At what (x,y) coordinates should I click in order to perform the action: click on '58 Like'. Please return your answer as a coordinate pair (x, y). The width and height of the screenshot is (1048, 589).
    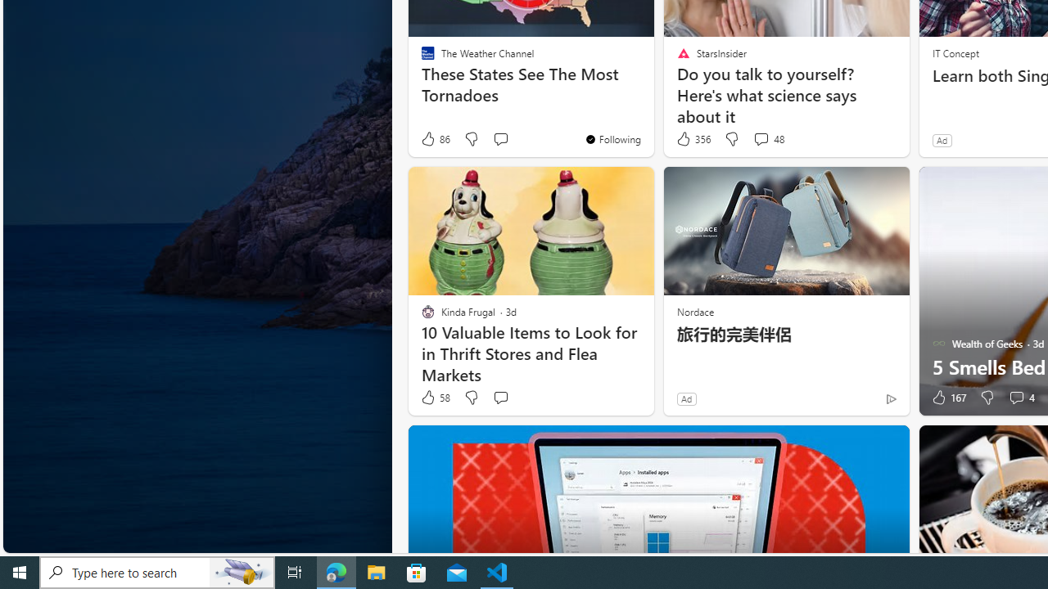
    Looking at the image, I should click on (435, 398).